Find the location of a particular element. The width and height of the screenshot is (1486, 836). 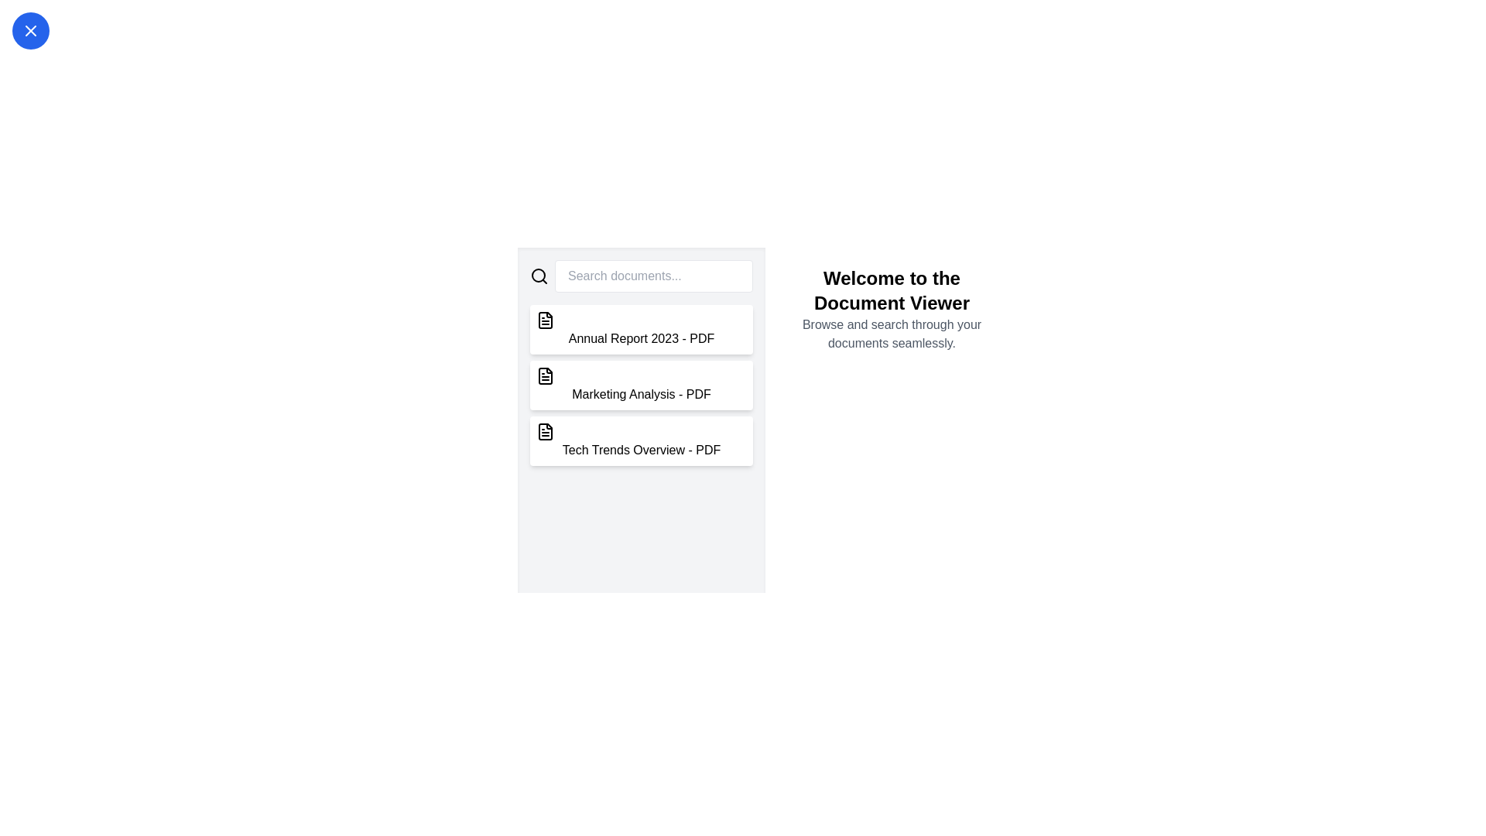

the document Tech Trends Overview - PDF from the list is located at coordinates (642, 441).